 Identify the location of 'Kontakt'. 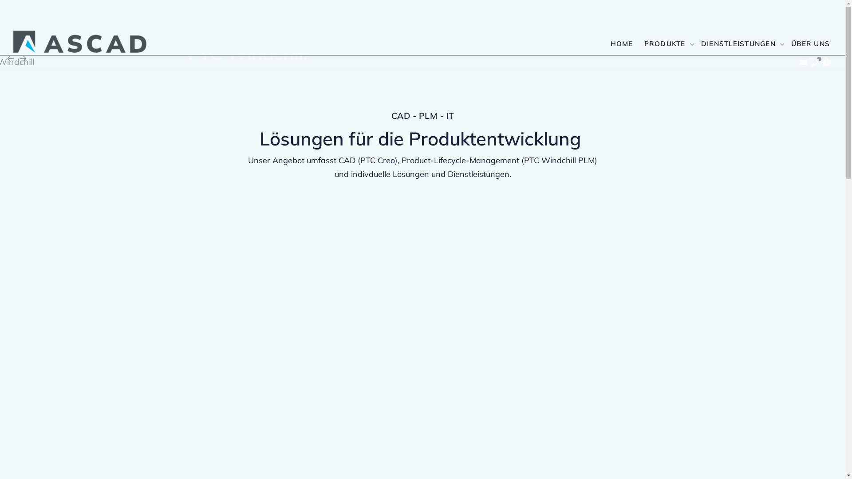
(803, 62).